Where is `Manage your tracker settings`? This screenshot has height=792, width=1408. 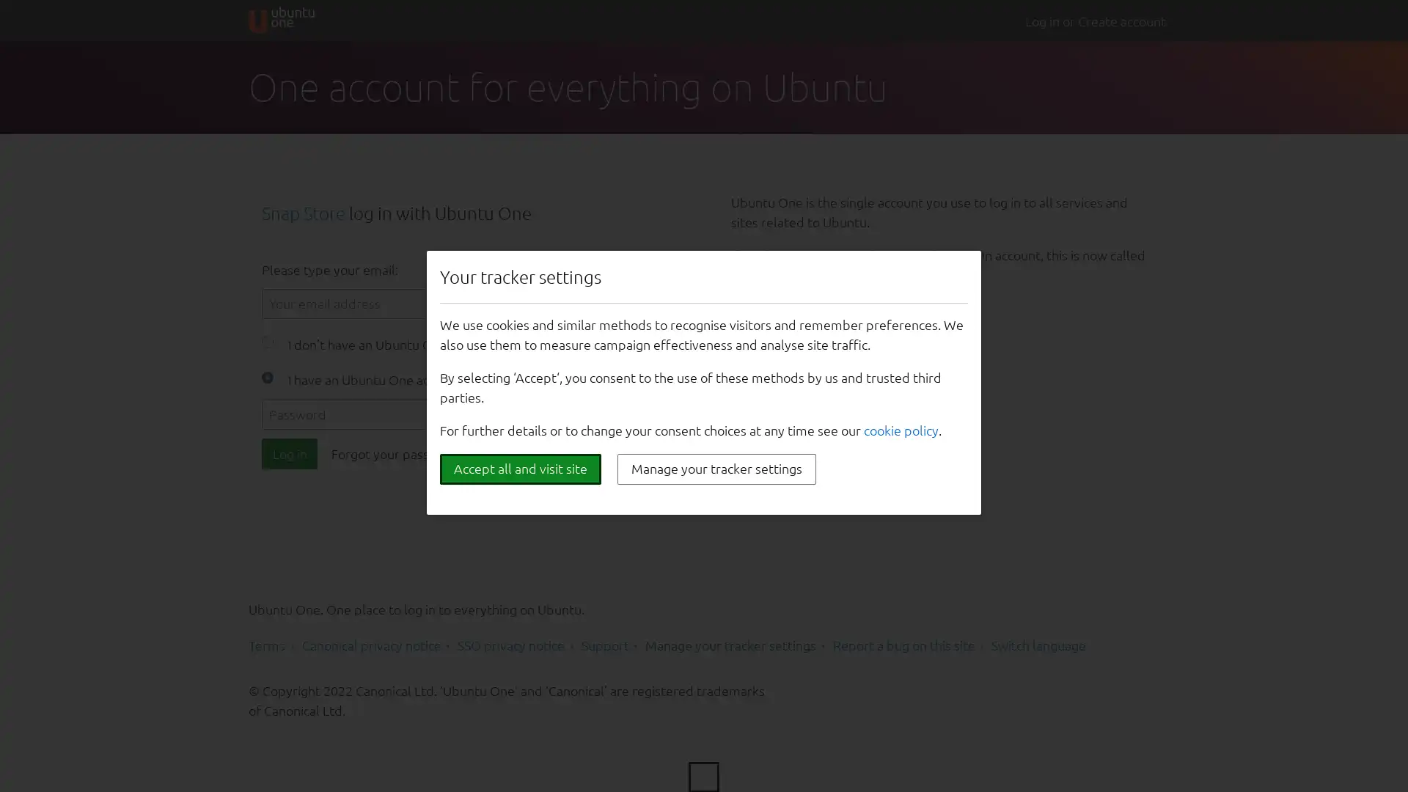 Manage your tracker settings is located at coordinates (716, 469).